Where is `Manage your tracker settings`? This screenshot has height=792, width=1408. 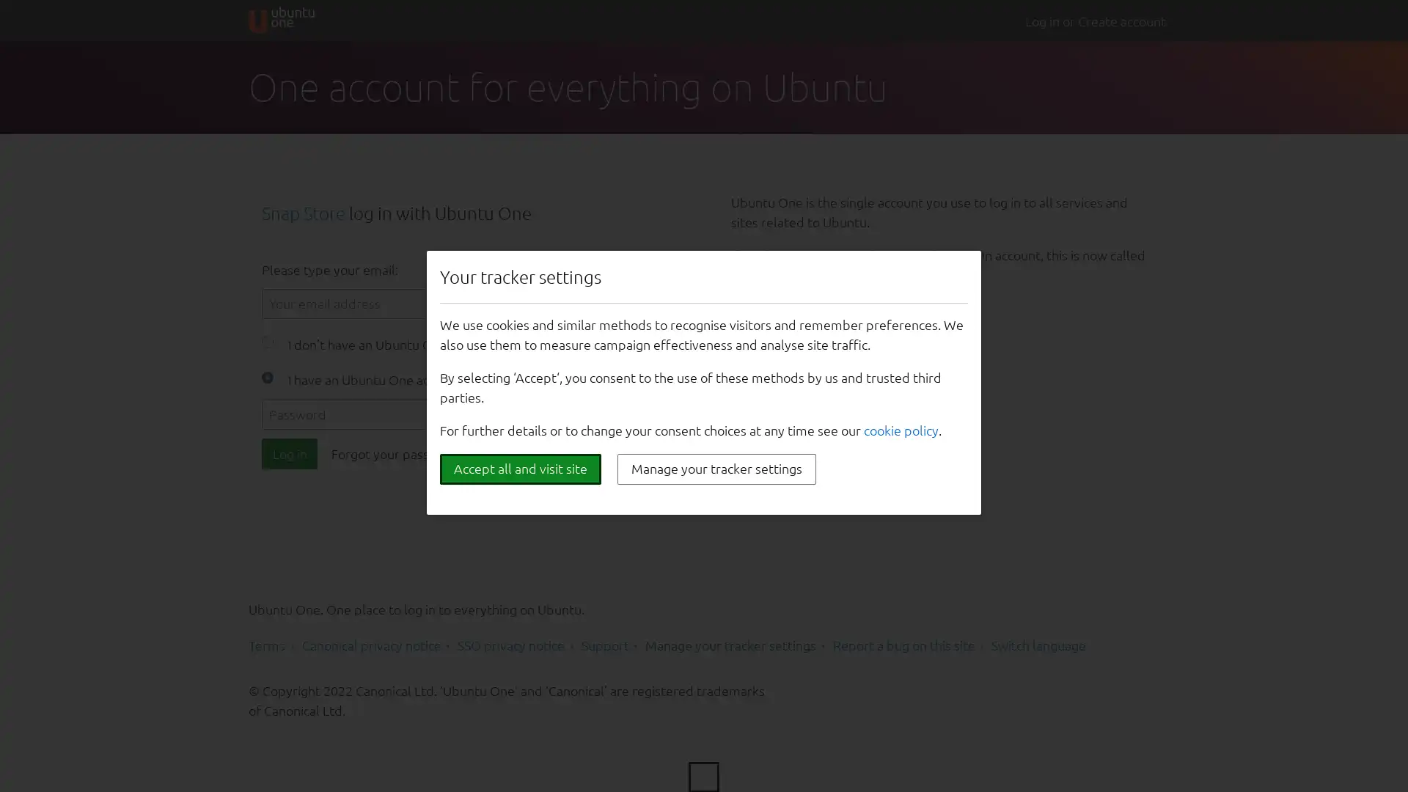 Manage your tracker settings is located at coordinates (716, 469).